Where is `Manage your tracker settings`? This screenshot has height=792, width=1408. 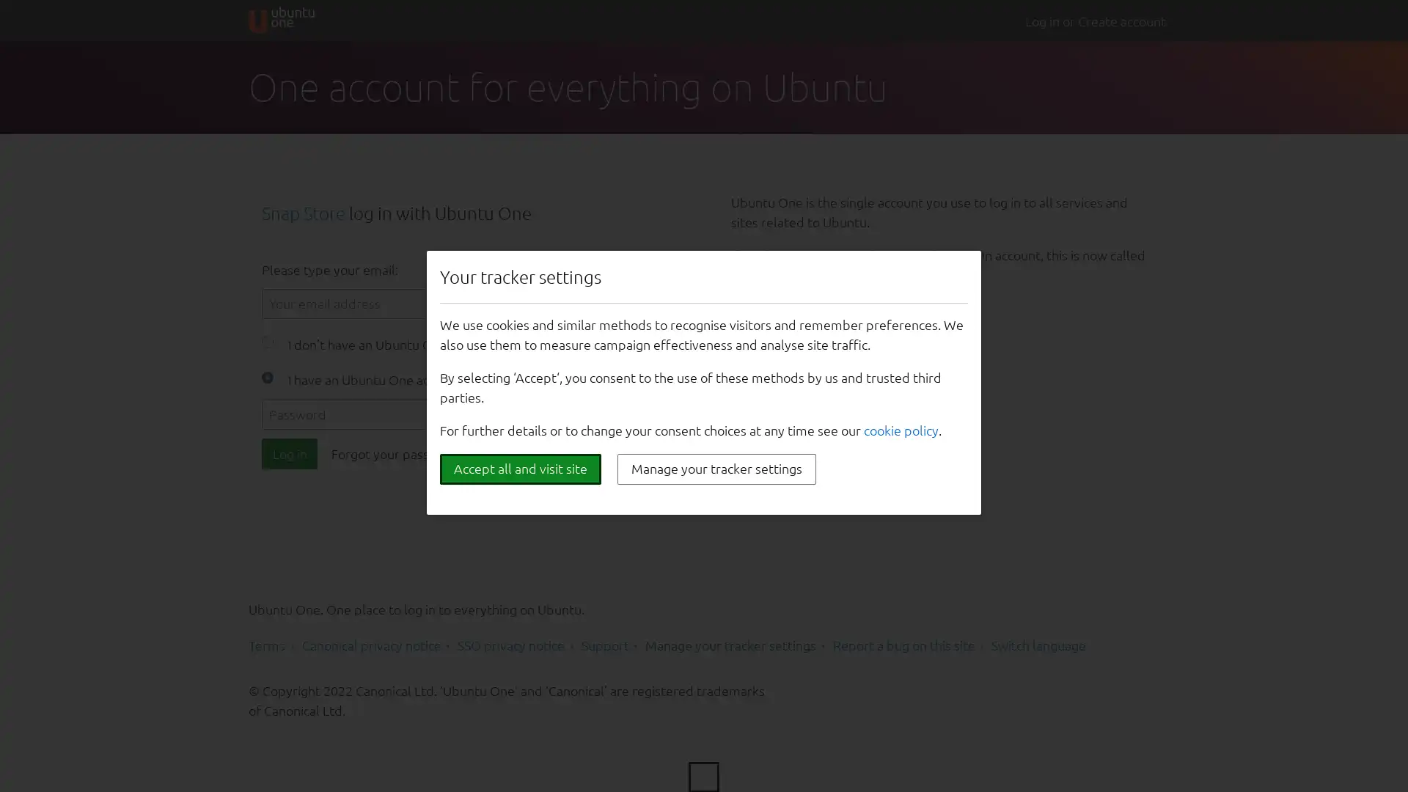 Manage your tracker settings is located at coordinates (716, 469).